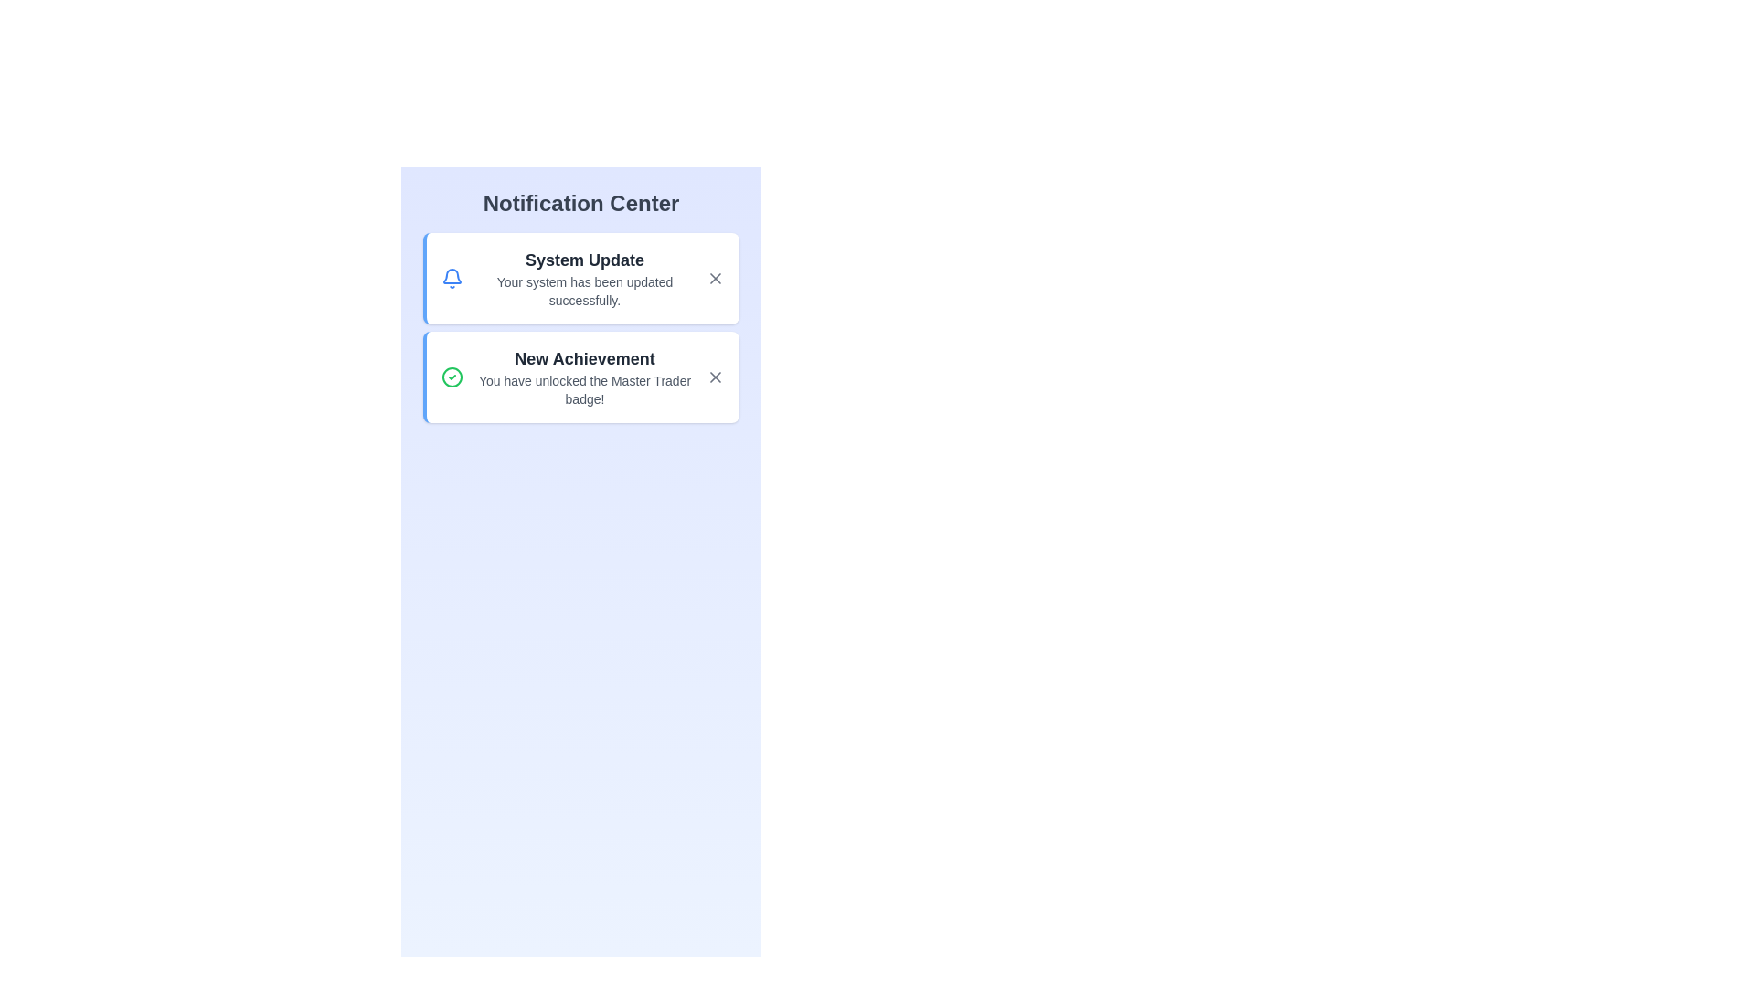  I want to click on the blue bell-shaped icon located in the upper left corner of the notification card, adjacent to the text 'System Update', so click(452, 278).